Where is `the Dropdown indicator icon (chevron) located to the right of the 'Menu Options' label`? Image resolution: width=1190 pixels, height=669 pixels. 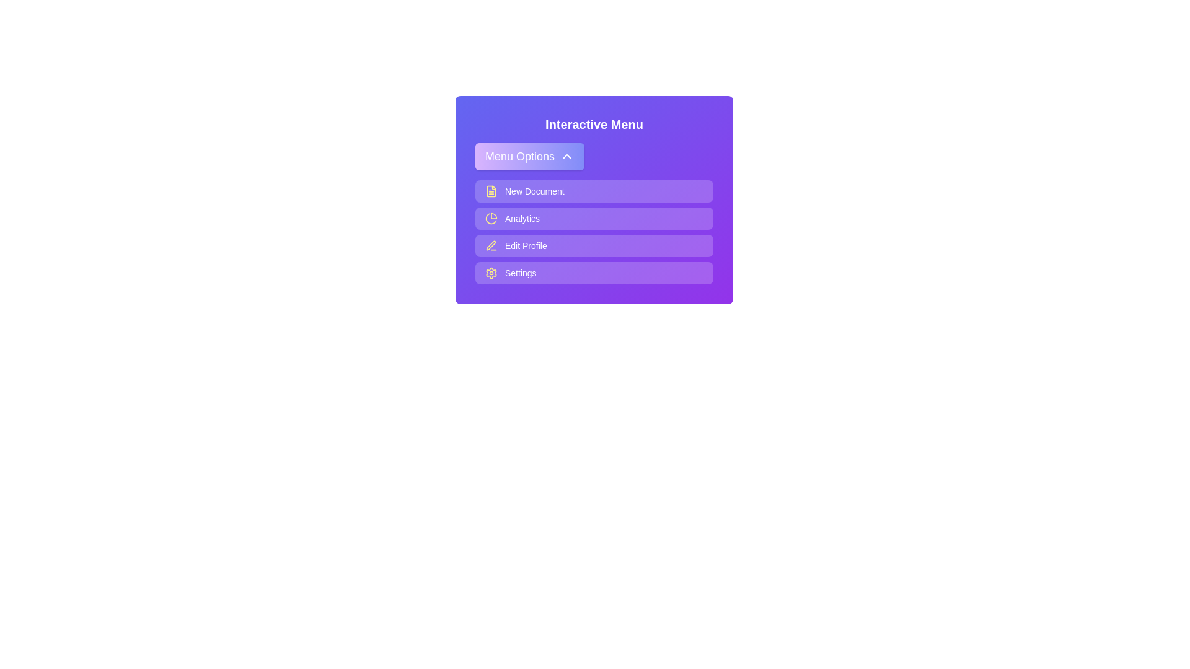
the Dropdown indicator icon (chevron) located to the right of the 'Menu Options' label is located at coordinates (566, 156).